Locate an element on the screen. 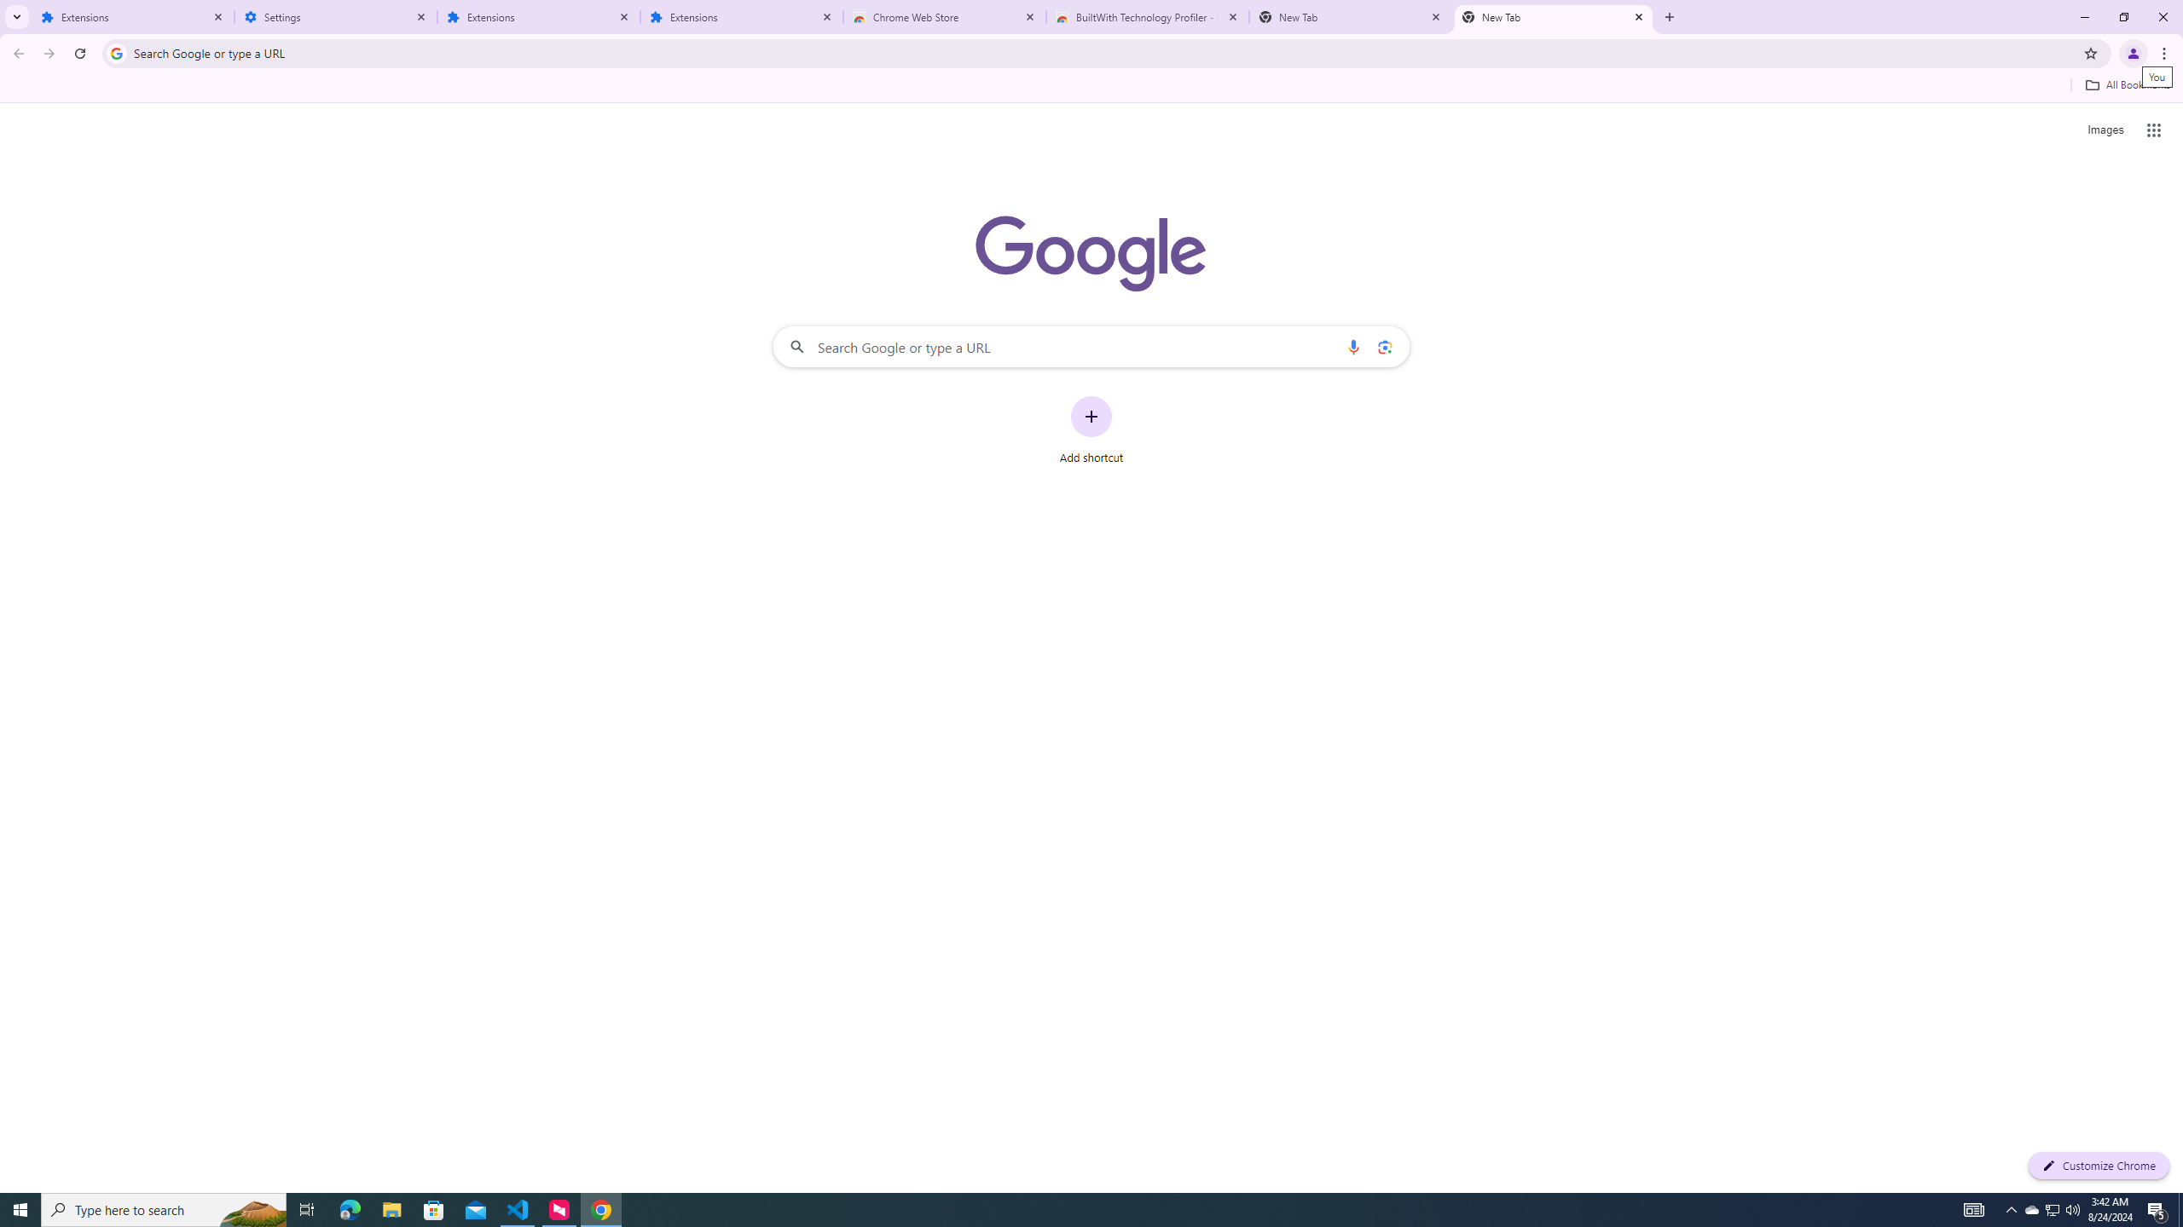 This screenshot has height=1227, width=2183. 'BuiltWith Technology Profiler - Chrome Web Store' is located at coordinates (1147, 16).